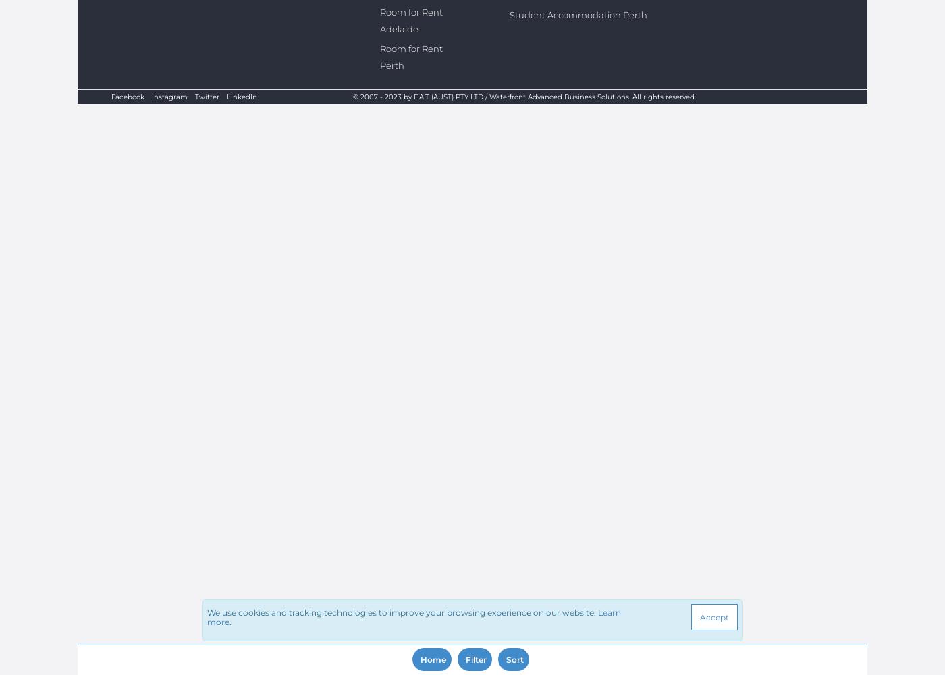 The image size is (945, 675). I want to click on 'Sort', so click(515, 659).